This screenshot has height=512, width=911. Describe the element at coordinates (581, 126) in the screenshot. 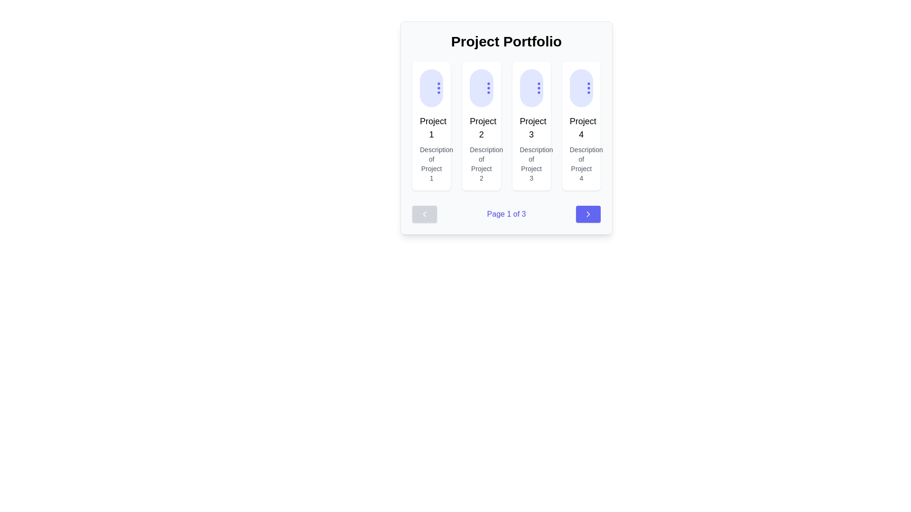

I see `the Card component labeled 'Project 4' in the project portfolio grid` at that location.